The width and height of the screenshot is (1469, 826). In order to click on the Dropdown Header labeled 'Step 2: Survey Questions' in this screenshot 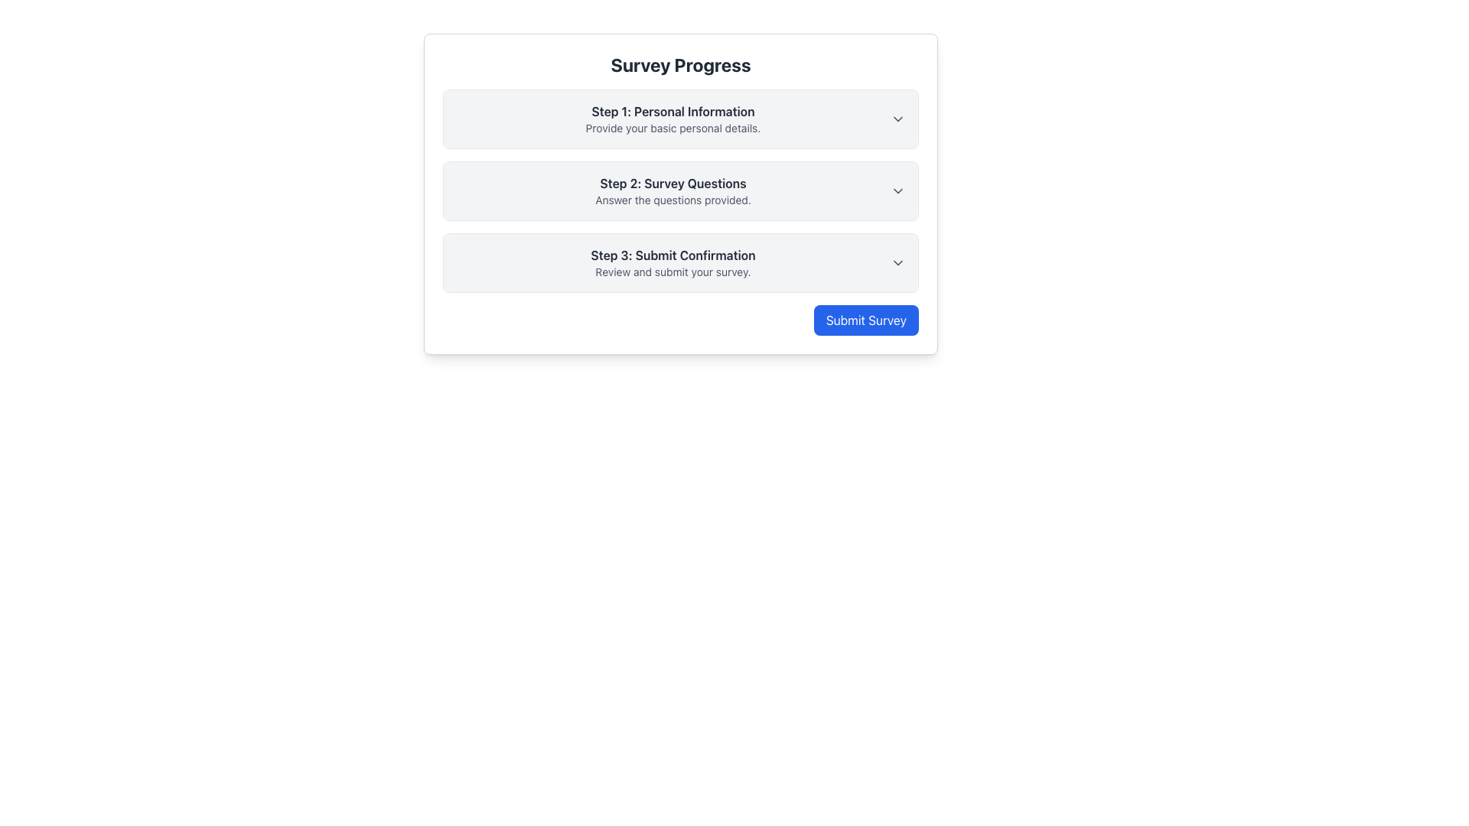, I will do `click(679, 190)`.